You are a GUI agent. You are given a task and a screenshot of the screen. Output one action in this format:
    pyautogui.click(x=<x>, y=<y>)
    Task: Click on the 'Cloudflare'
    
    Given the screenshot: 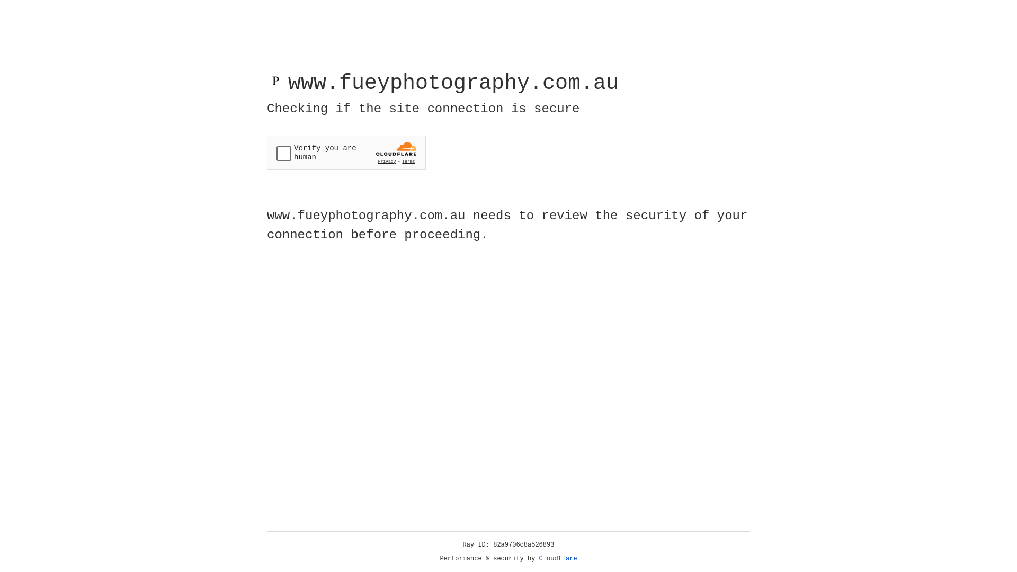 What is the action you would take?
    pyautogui.click(x=558, y=558)
    